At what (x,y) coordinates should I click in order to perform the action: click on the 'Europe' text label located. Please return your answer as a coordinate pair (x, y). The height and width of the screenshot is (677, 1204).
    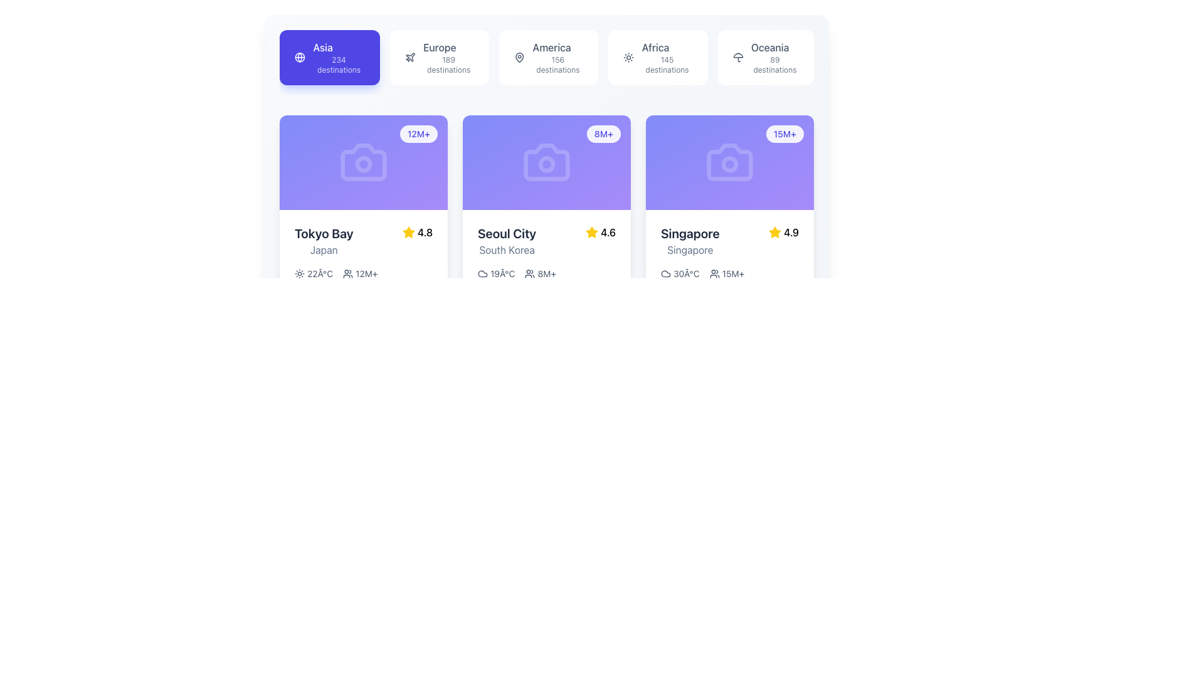
    Looking at the image, I should click on (440, 47).